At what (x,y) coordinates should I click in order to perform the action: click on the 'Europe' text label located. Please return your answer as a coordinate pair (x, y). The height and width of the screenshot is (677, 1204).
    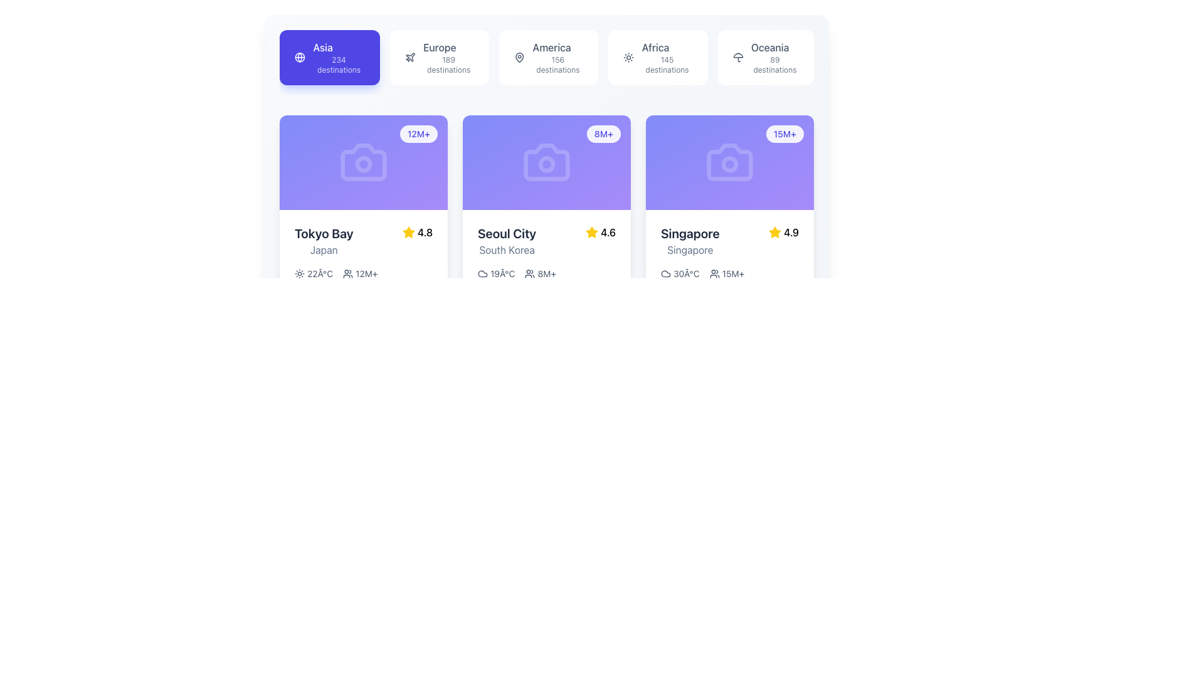
    Looking at the image, I should click on (440, 47).